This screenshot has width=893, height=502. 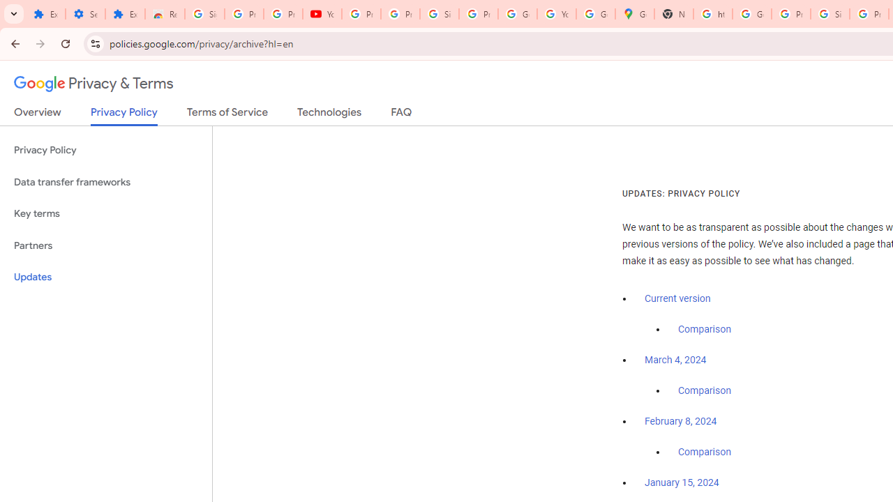 What do you see at coordinates (105, 181) in the screenshot?
I see `'Data transfer frameworks'` at bounding box center [105, 181].